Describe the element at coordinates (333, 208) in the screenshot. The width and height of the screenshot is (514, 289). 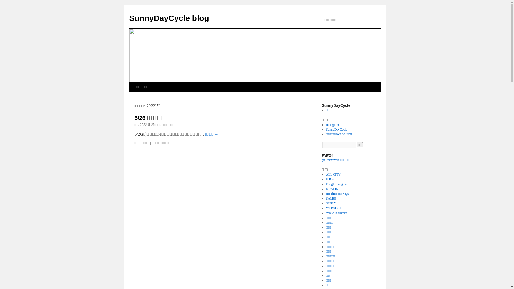
I see `'WEBSHOP'` at that location.